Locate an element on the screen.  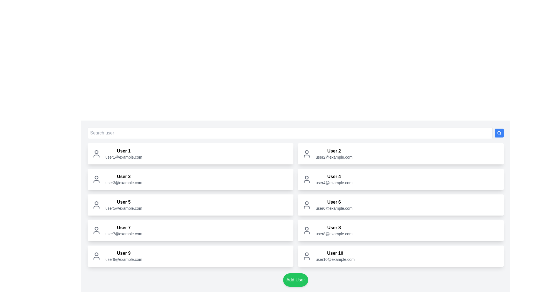
the text label displaying 'User 4', which is in bold font and located in the fourth position of the user entries list in the right column is located at coordinates (334, 177).